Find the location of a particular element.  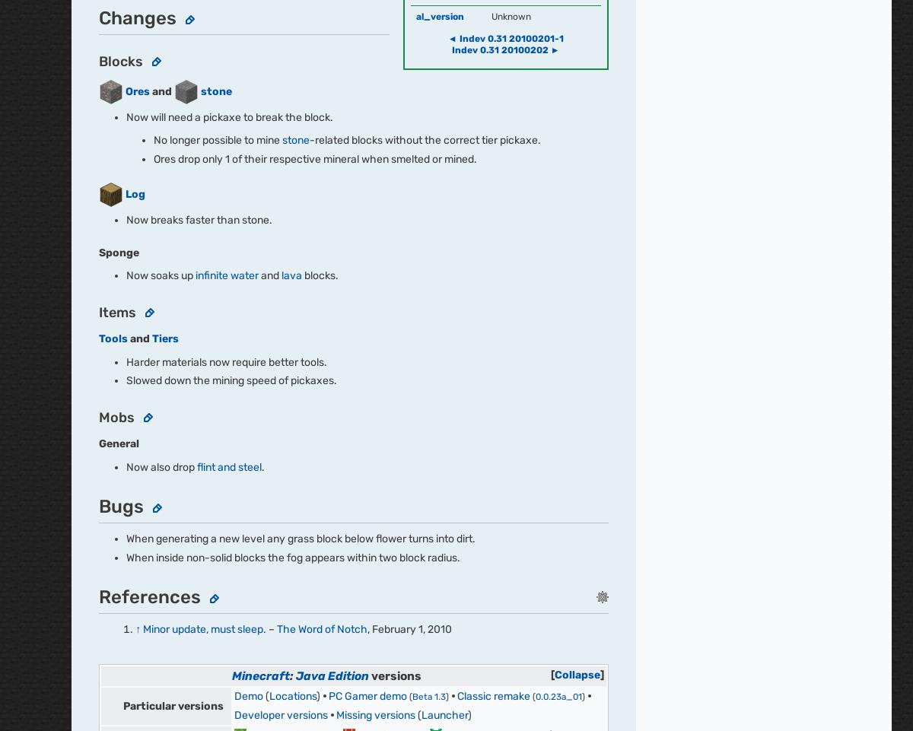

'Fandom' is located at coordinates (107, 267).